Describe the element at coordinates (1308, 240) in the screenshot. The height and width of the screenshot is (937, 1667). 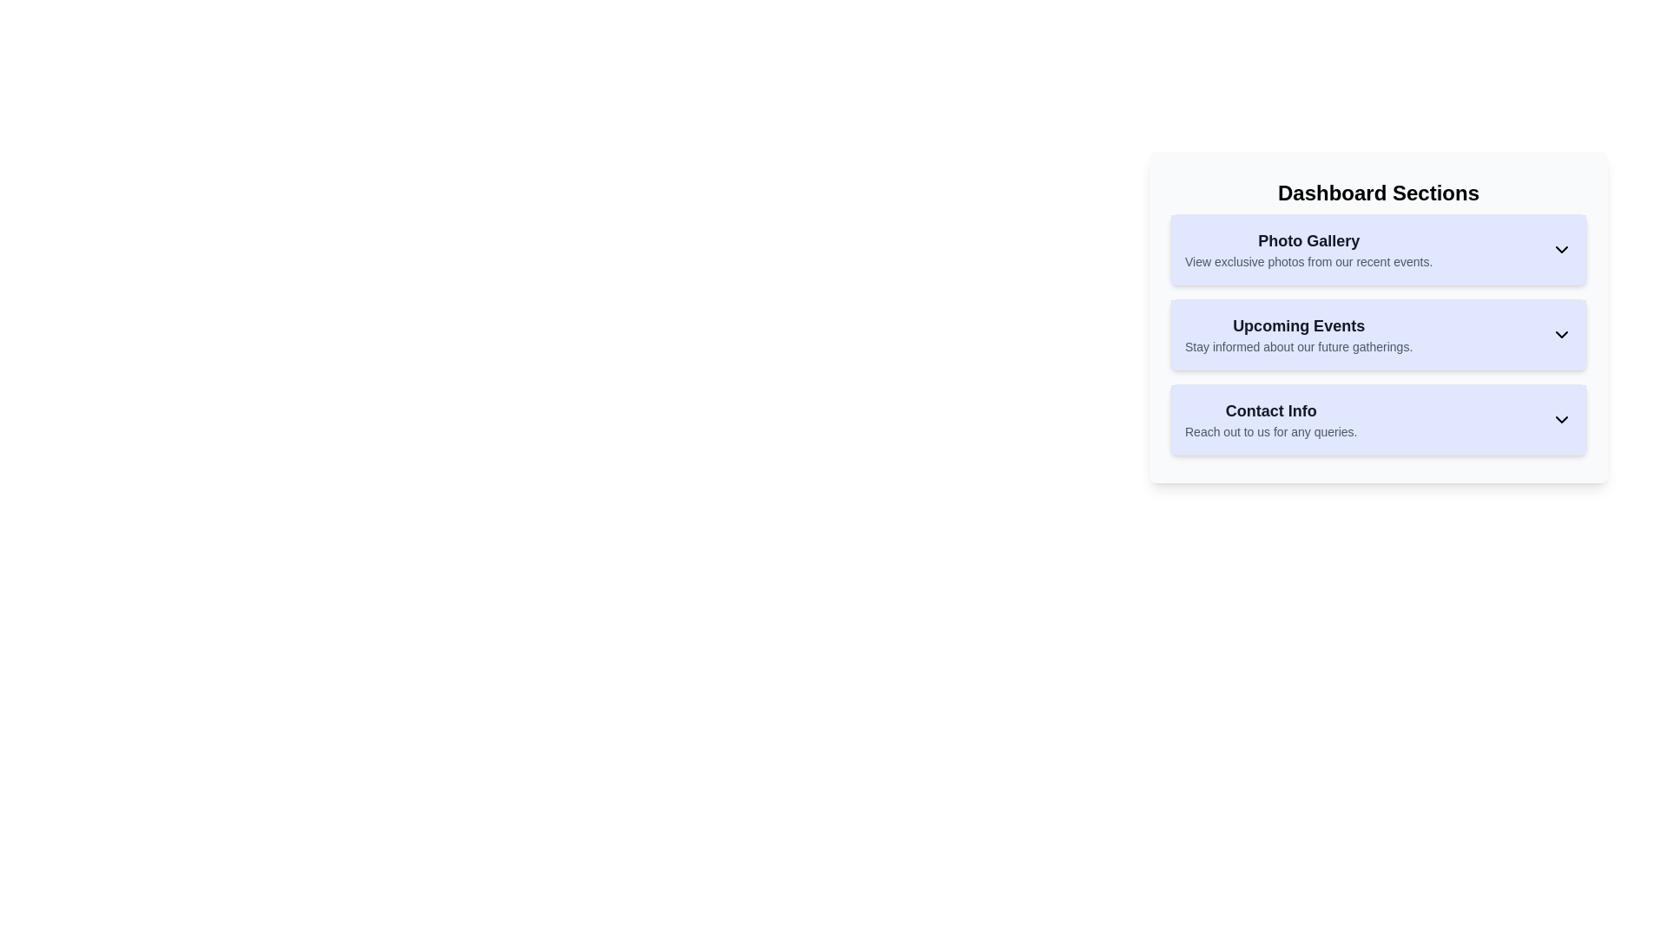
I see `the 'Photo Gallery' text label` at that location.